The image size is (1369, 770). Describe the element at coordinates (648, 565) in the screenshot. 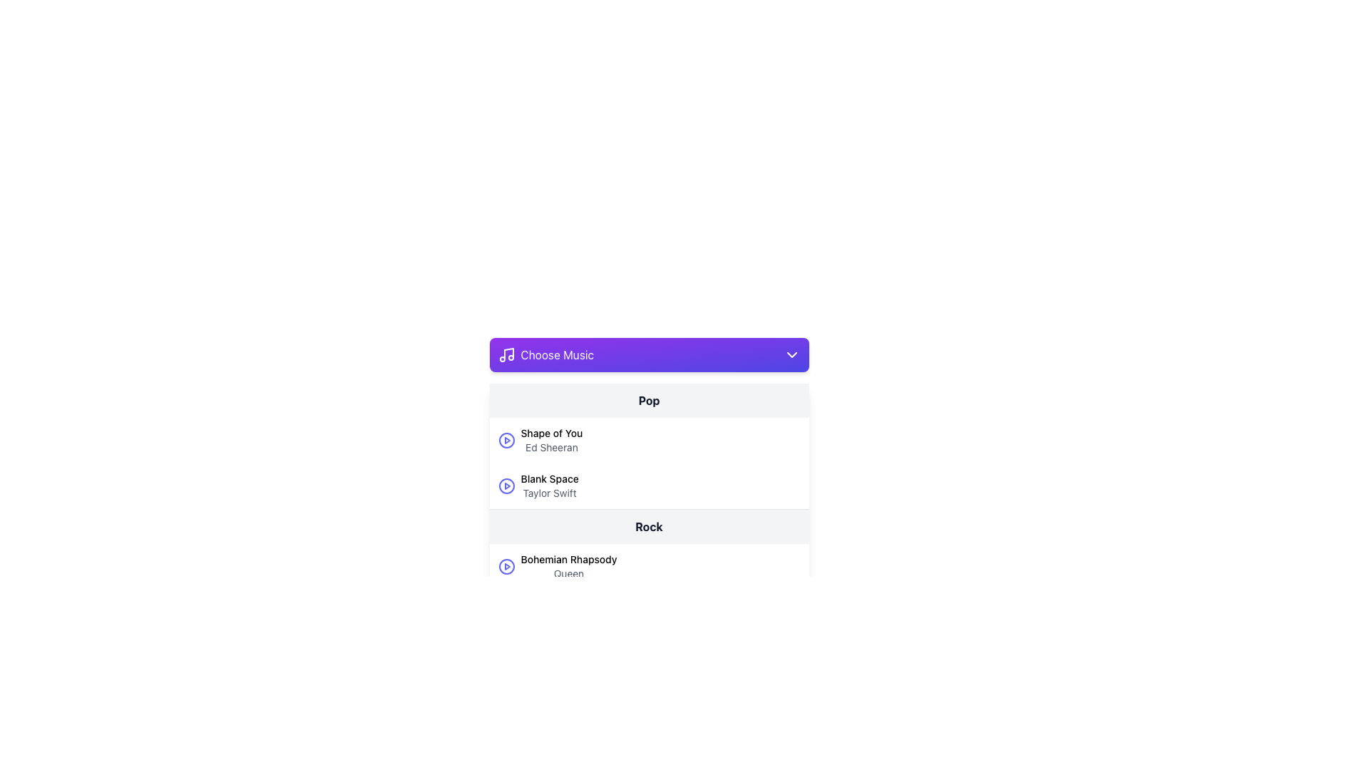

I see `the List Item for the song 'Bohemian Rhapsody' by Queen, located in the 'Rock' section of the song list` at that location.